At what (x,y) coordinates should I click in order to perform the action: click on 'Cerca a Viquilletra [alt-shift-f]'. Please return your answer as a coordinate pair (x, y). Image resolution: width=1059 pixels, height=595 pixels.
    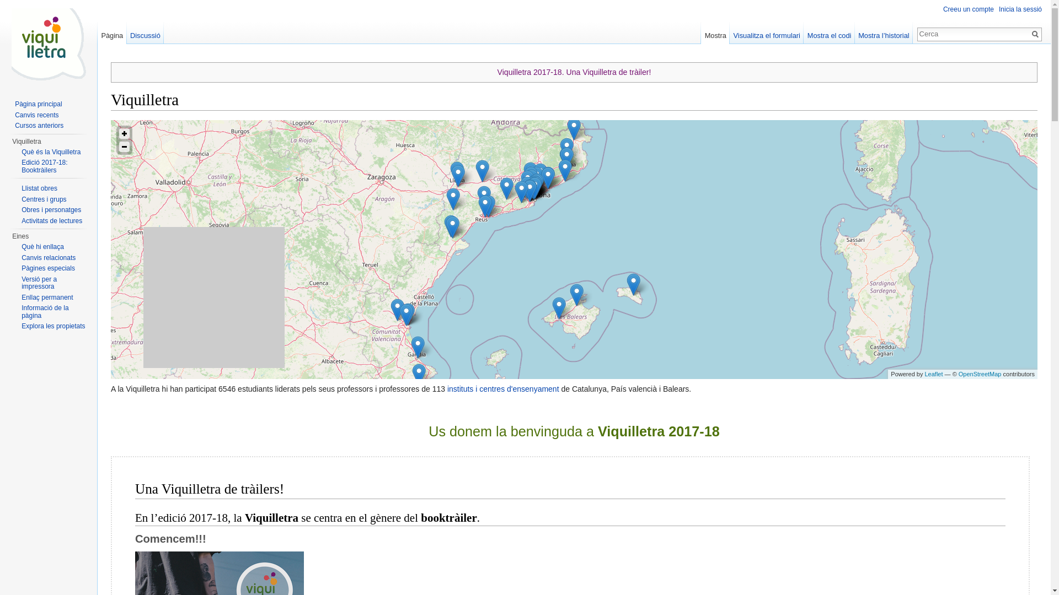
    Looking at the image, I should click on (974, 33).